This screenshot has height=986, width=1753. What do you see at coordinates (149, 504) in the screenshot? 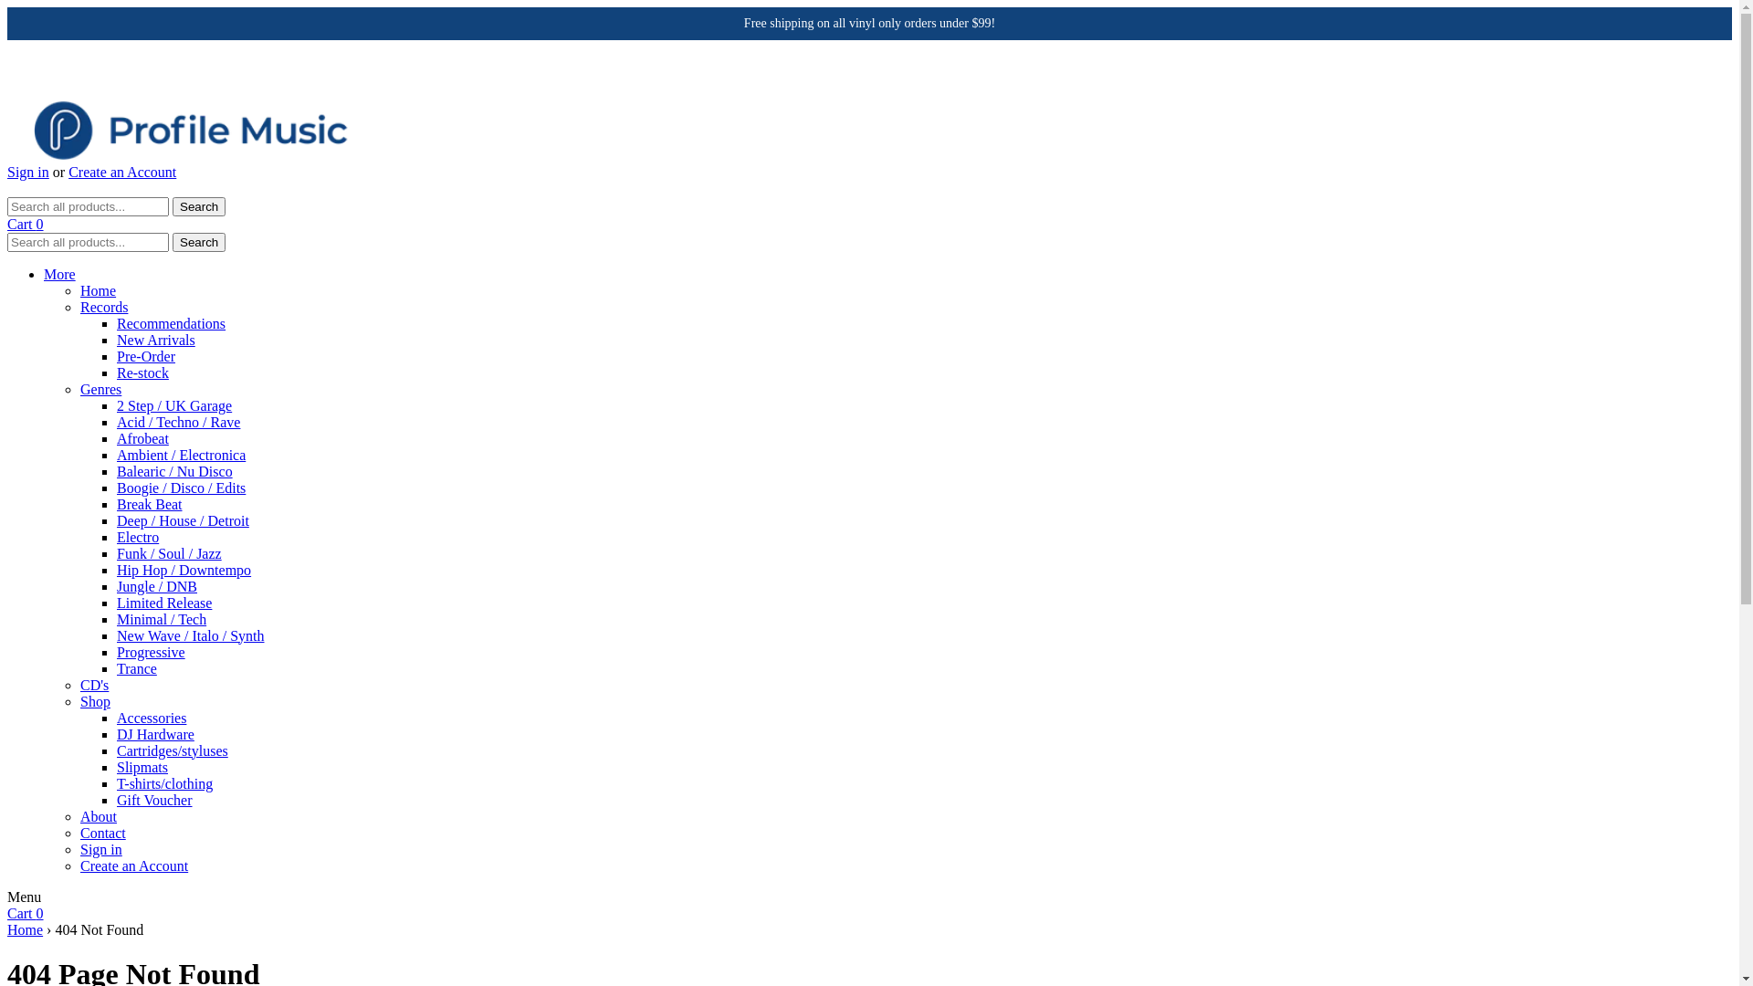
I see `'Break Beat'` at bounding box center [149, 504].